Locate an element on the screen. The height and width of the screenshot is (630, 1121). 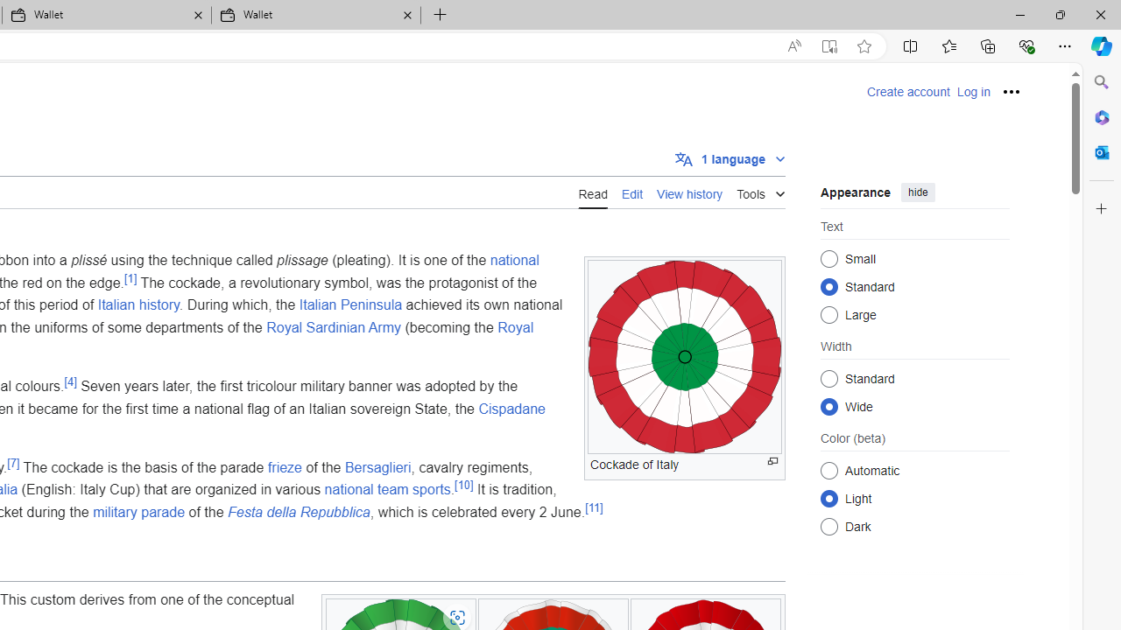
'Edit' is located at coordinates (631, 192).